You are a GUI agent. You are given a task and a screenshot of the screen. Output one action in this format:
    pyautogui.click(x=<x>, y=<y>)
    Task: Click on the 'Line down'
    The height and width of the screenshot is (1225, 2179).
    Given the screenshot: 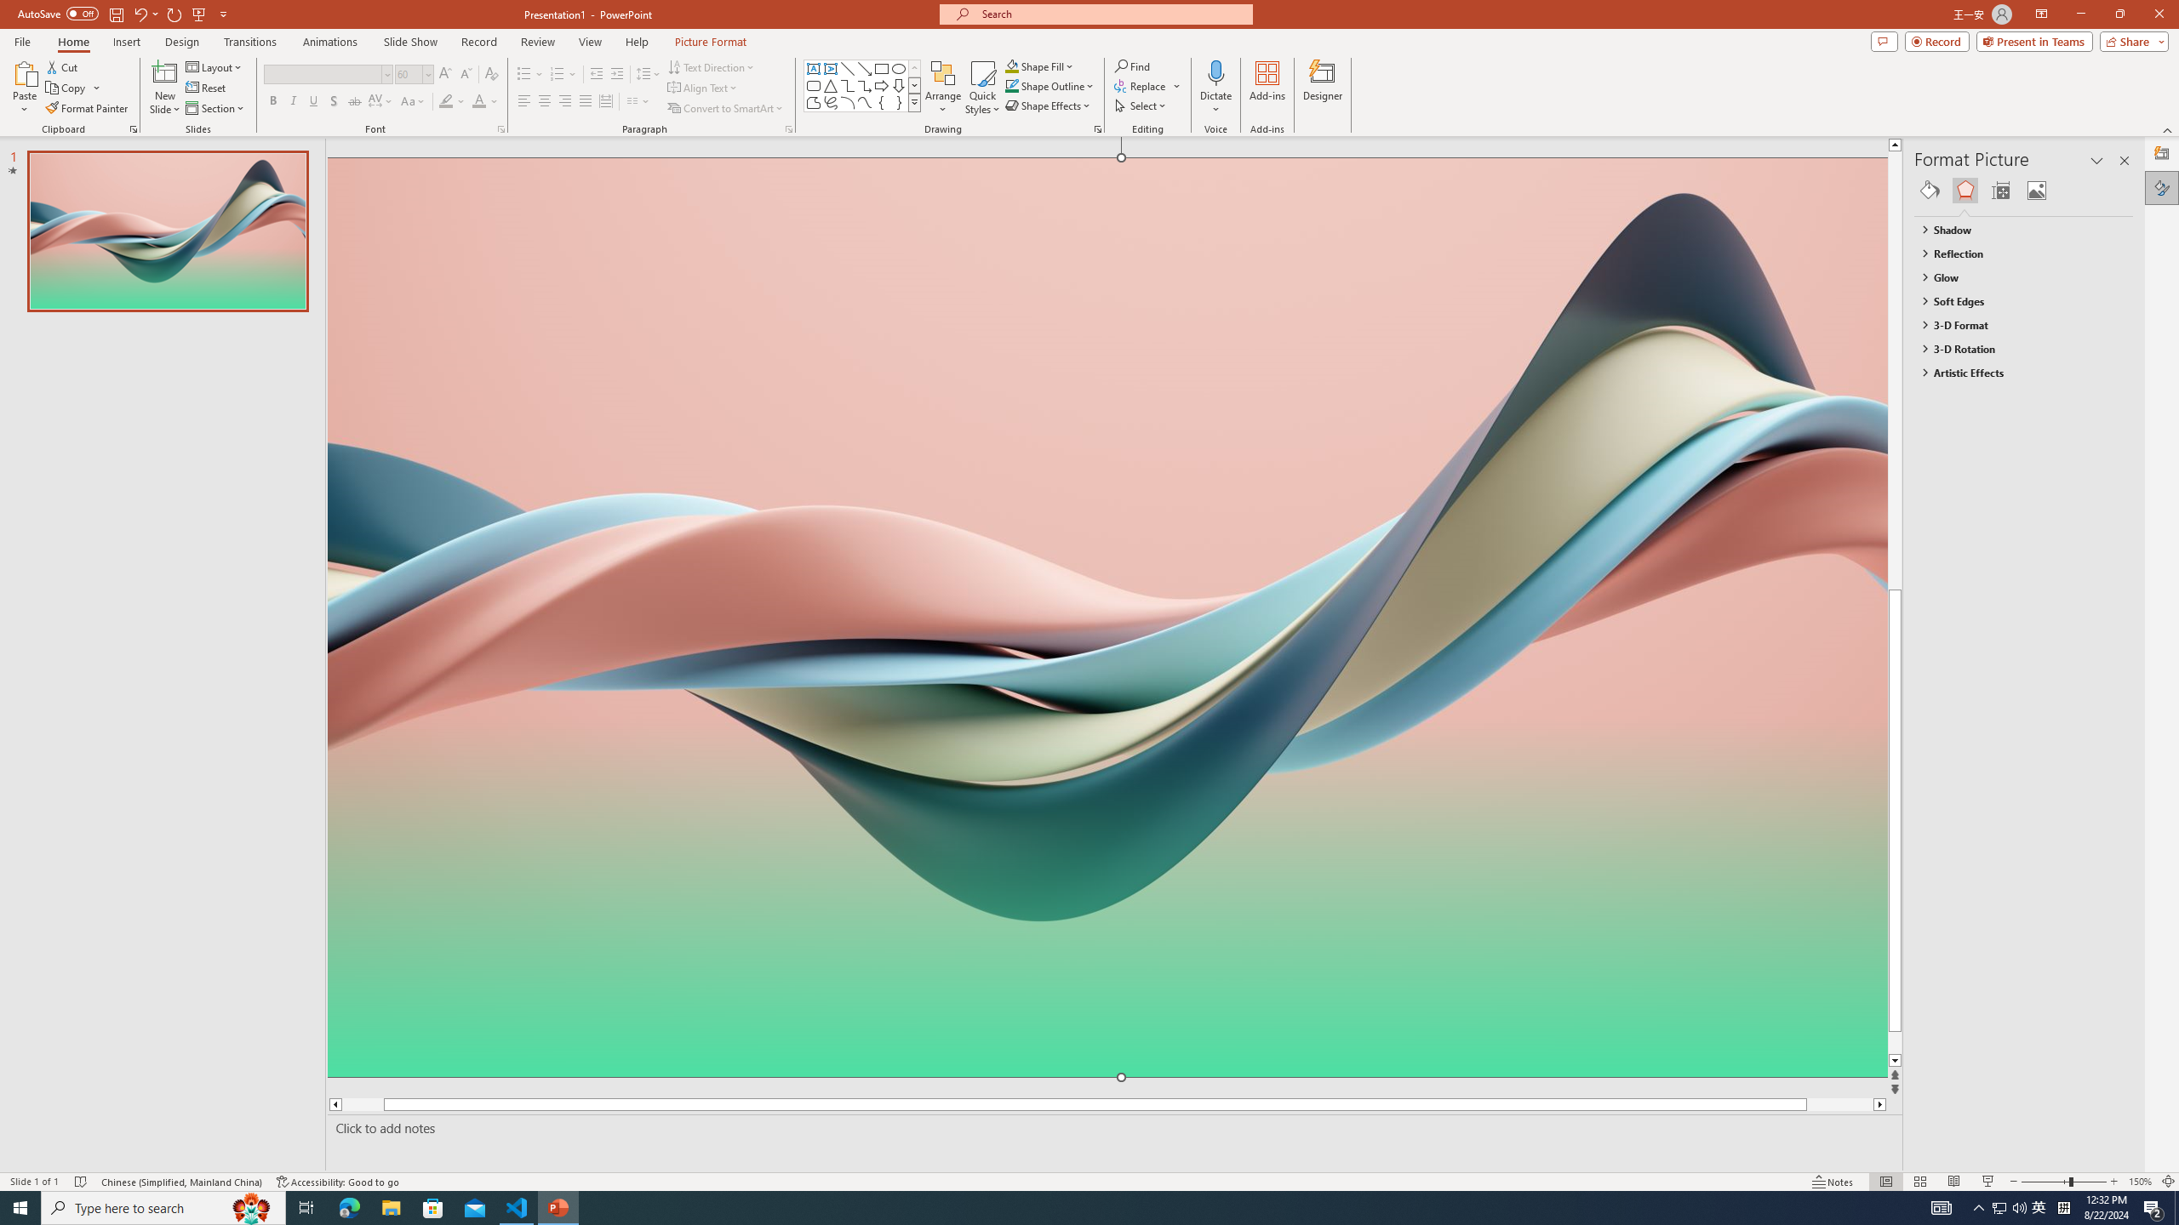 What is the action you would take?
    pyautogui.click(x=1926, y=1060)
    